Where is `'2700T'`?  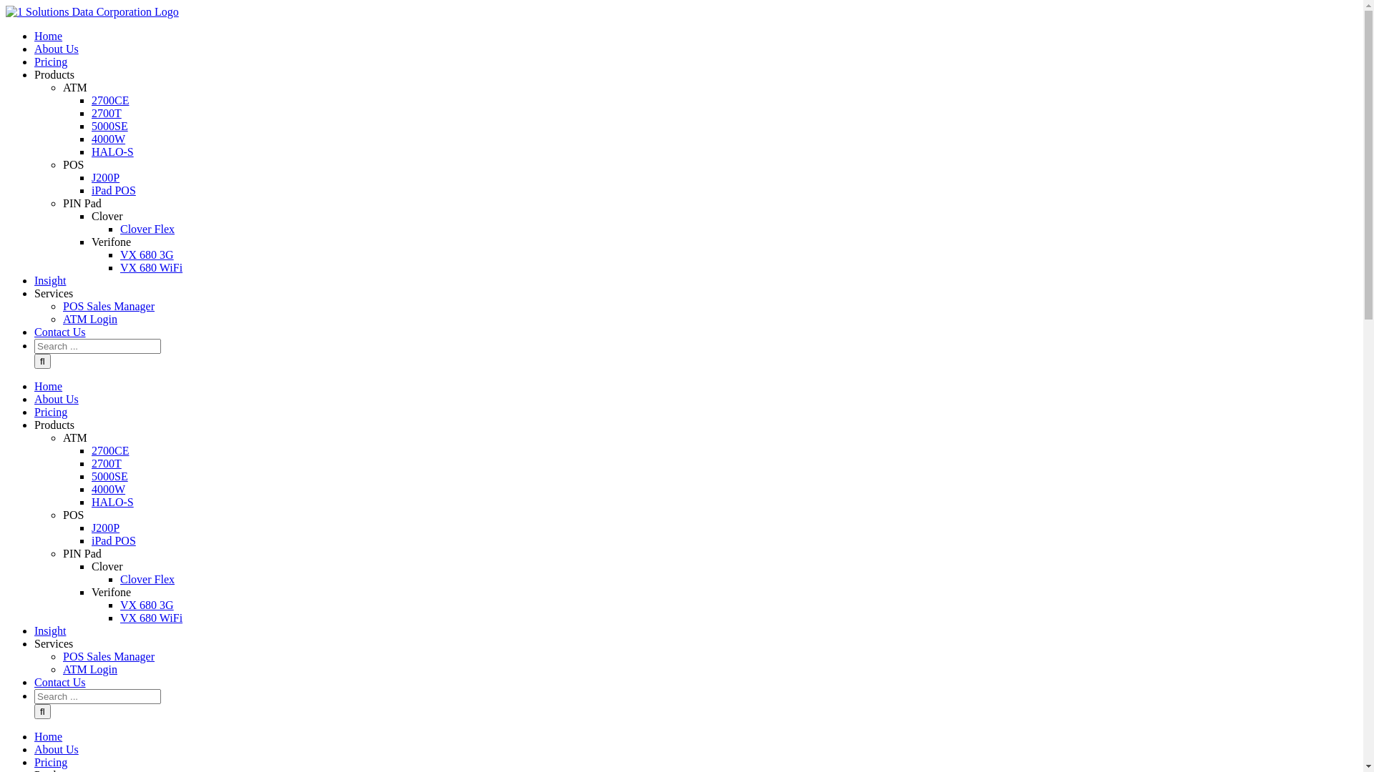 '2700T' is located at coordinates (105, 112).